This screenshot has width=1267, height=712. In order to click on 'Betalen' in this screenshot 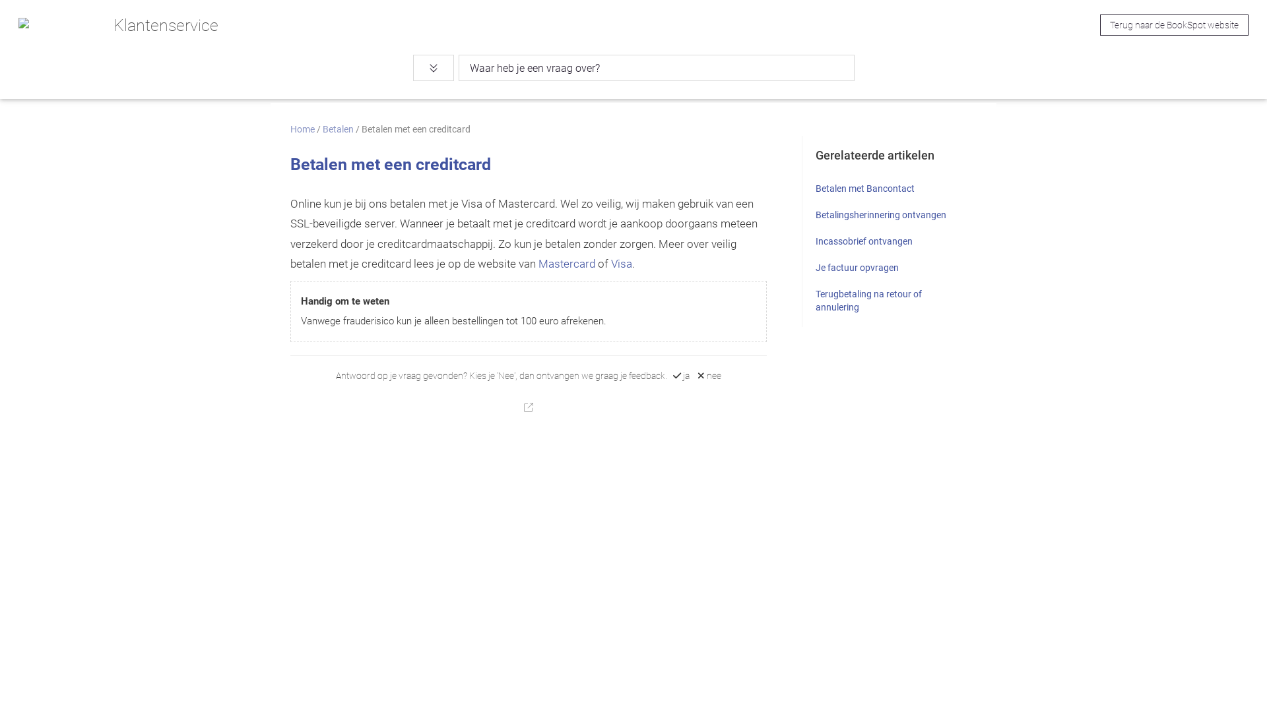, I will do `click(338, 129)`.